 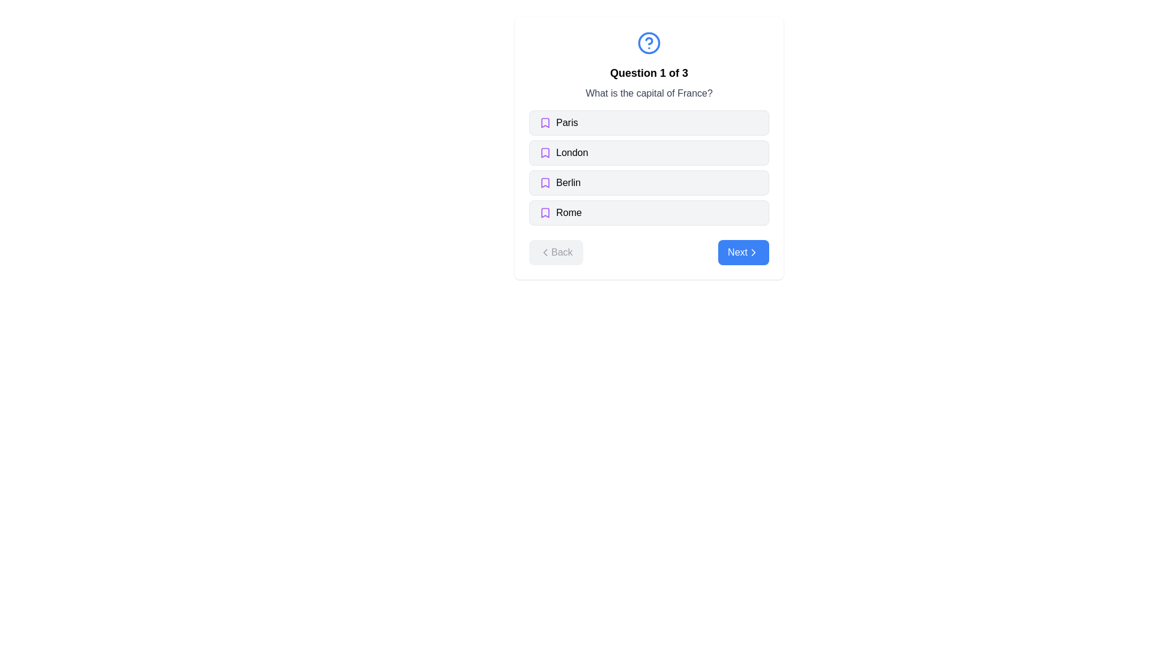 I want to click on the interactive button representing a possible answer choice in the multiple-choice selection interface, so click(x=648, y=168).